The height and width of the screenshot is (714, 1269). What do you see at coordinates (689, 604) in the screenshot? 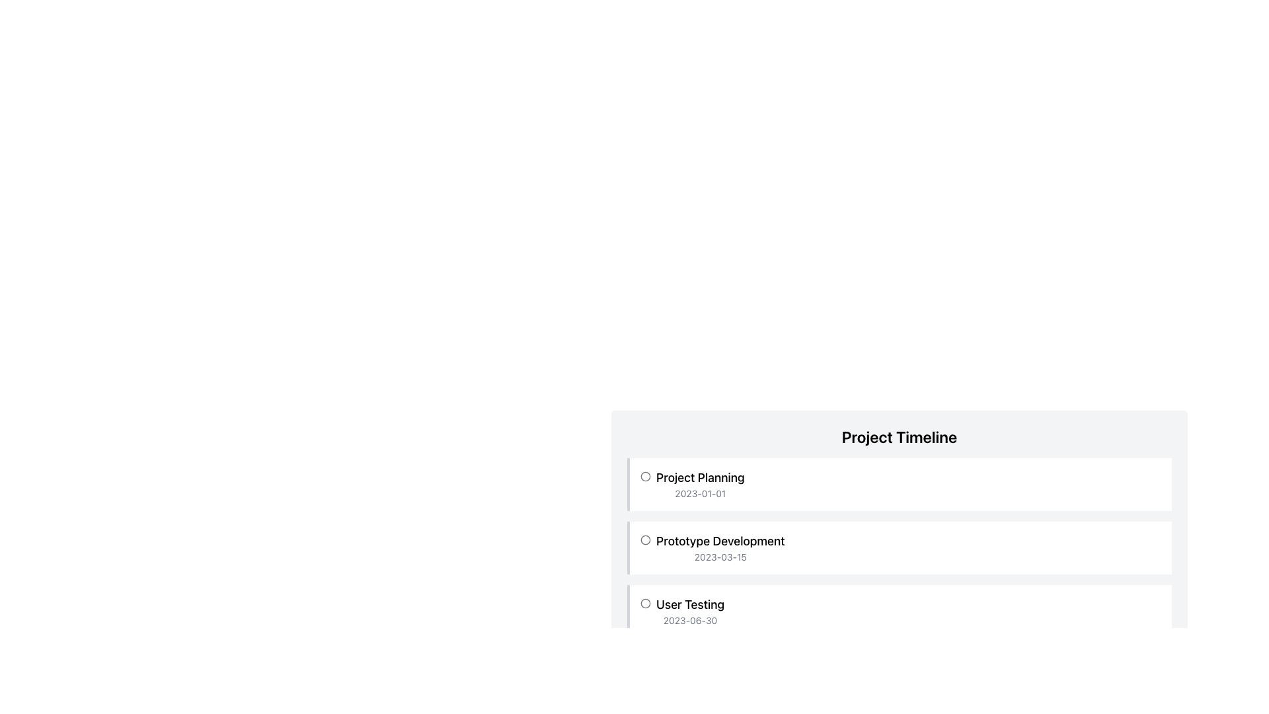
I see `the text label displaying 'User Testing', which is styled as part of a structured list or timeline, located above the date '2023-06-30'` at bounding box center [689, 604].